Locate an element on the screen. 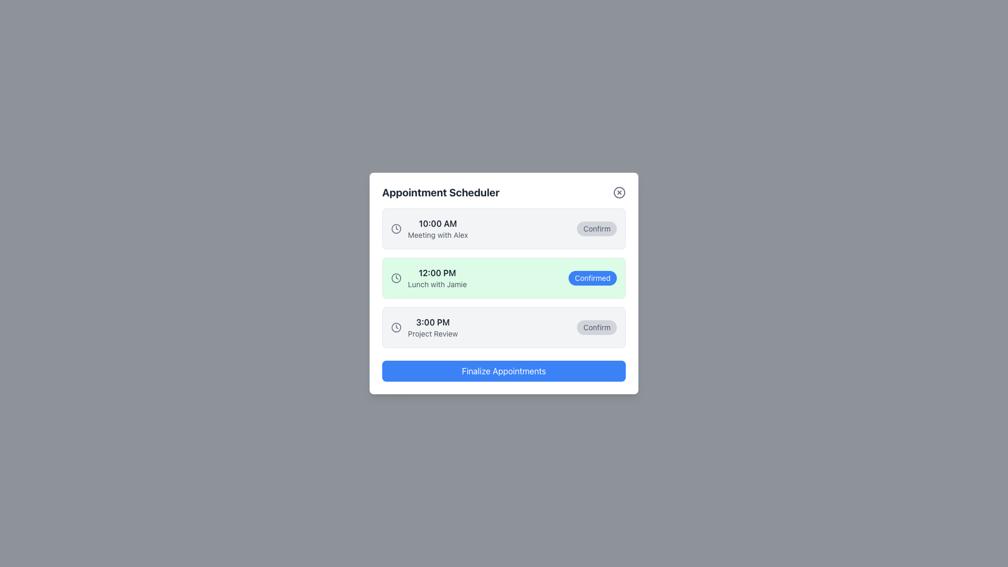 This screenshot has width=1008, height=567. the static text element displaying '3:00 PM' with the subtitle 'Project Review', located in the third row of the appointment scheduling interface, to the left of the 'Confirm' button is located at coordinates (424, 327).